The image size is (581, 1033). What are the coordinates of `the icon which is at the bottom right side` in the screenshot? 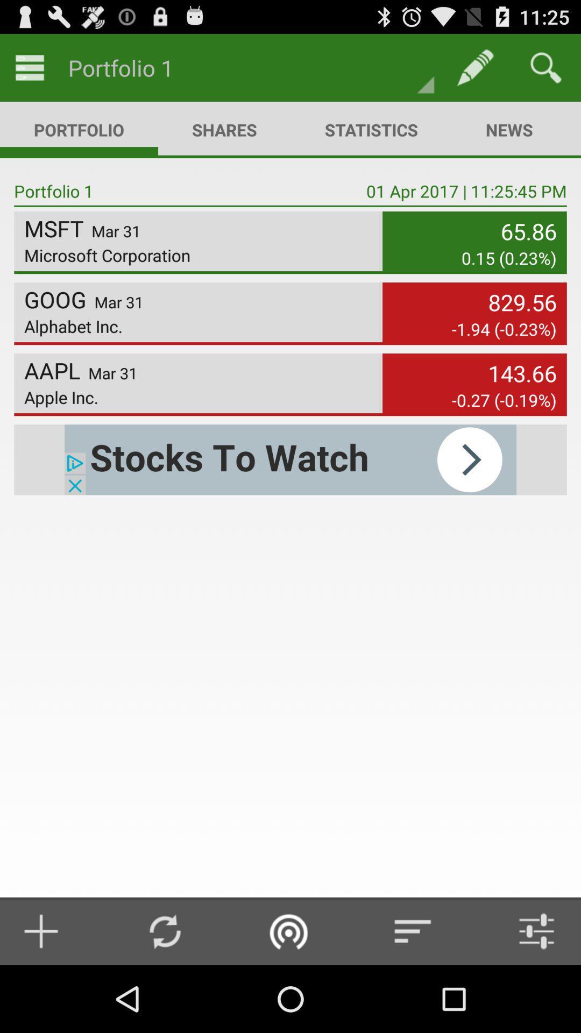 It's located at (527, 931).